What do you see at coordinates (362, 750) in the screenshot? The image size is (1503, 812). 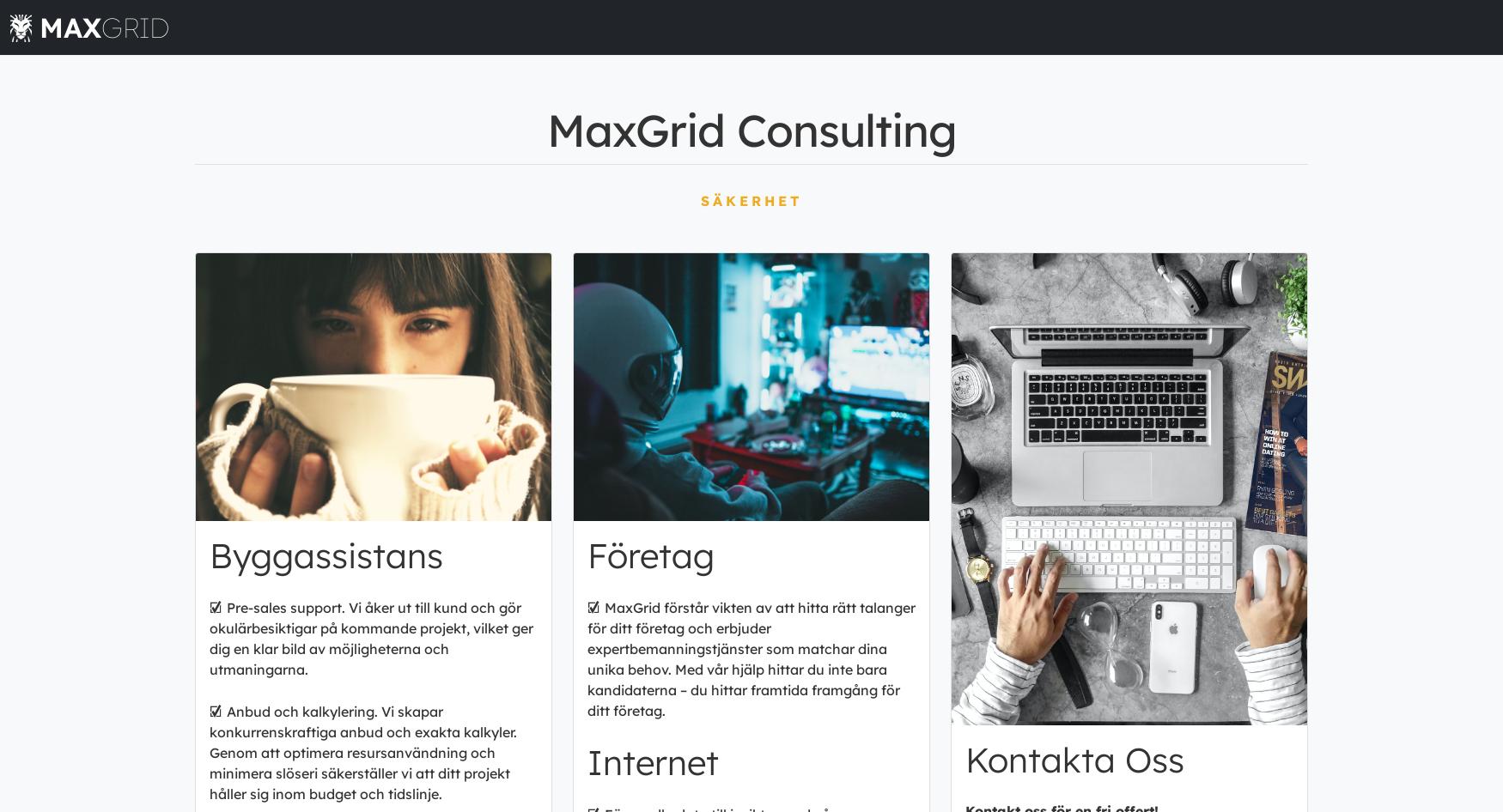 I see `'Anbud och kalkylering. Vi skapar konkurrenskraftiga anbud och exakta kalkyler. Genom att optimera resursanvändning och minimera slöseri säkerställer vi att ditt projekt håller sig inom budget och tidslinje.'` at bounding box center [362, 750].